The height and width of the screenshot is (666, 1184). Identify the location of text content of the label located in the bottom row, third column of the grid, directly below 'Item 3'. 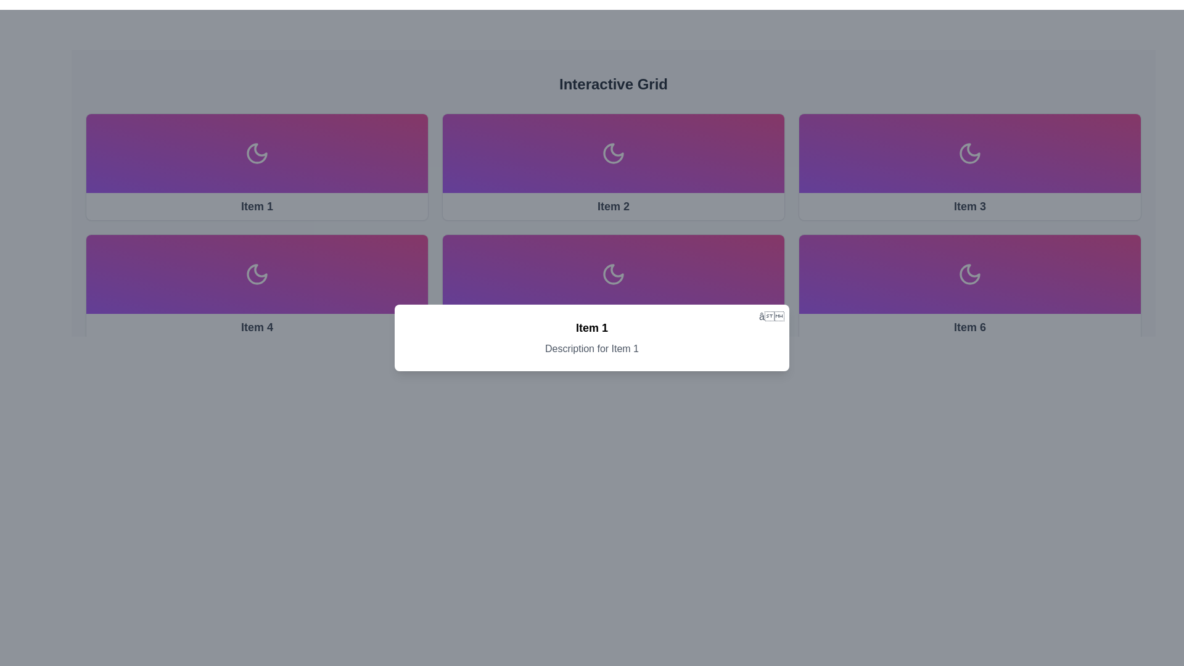
(969, 327).